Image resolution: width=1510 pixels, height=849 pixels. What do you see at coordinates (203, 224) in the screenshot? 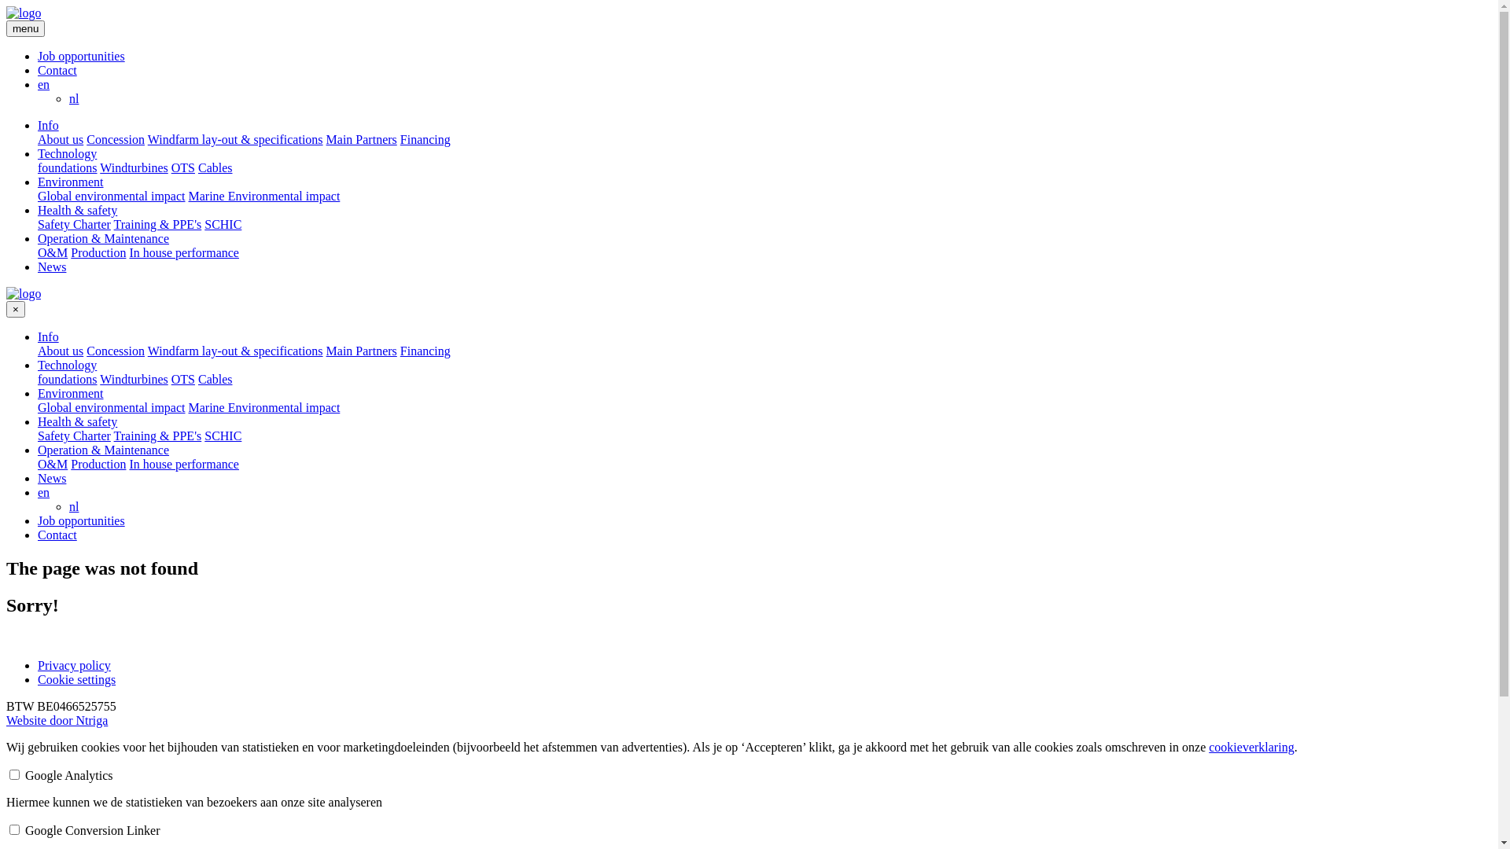
I see `'SCHIC'` at bounding box center [203, 224].